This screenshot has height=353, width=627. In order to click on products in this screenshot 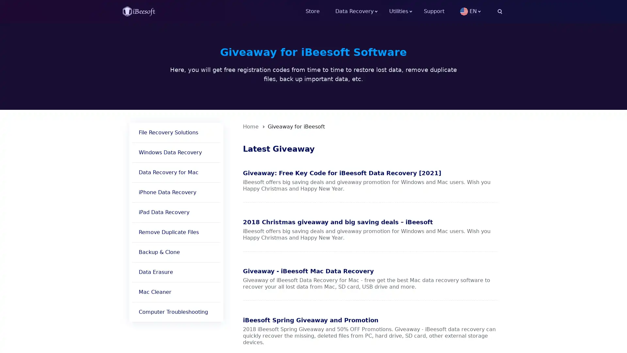, I will do `click(362, 11)`.